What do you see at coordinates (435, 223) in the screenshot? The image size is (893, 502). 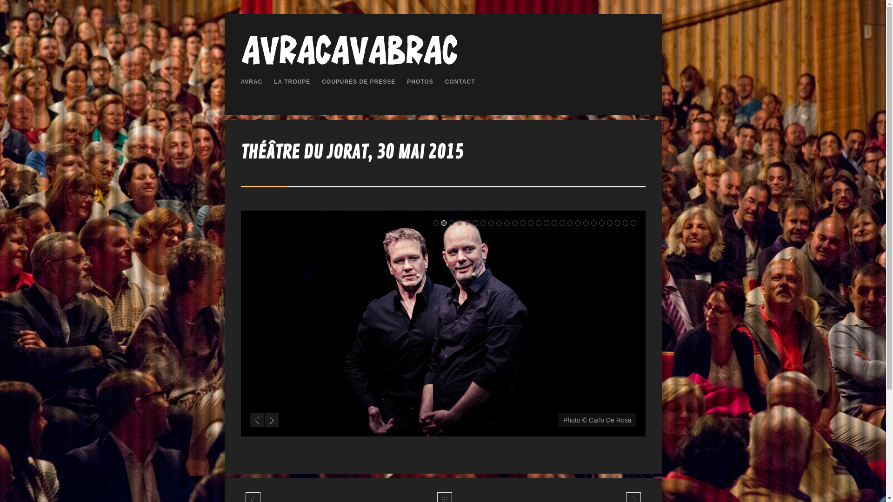 I see `'1'` at bounding box center [435, 223].